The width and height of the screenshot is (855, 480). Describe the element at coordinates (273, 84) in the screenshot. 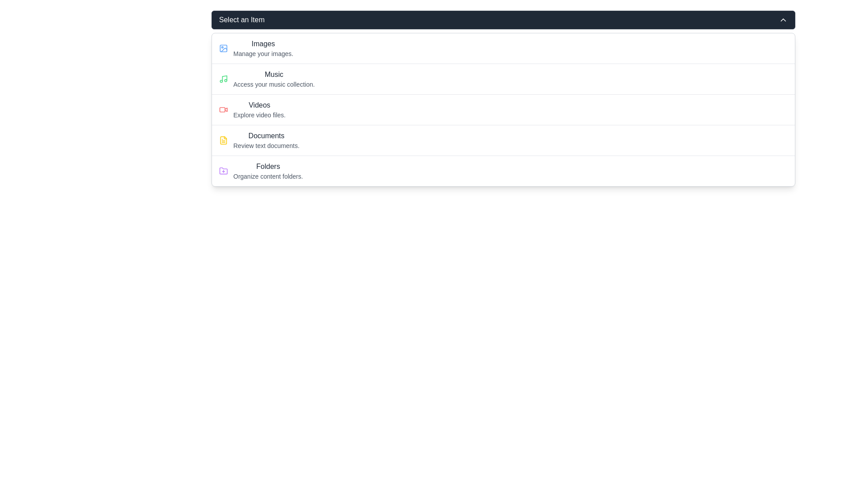

I see `the static text label that serves as a description for the 'Music' section, located below the 'Music' heading` at that location.